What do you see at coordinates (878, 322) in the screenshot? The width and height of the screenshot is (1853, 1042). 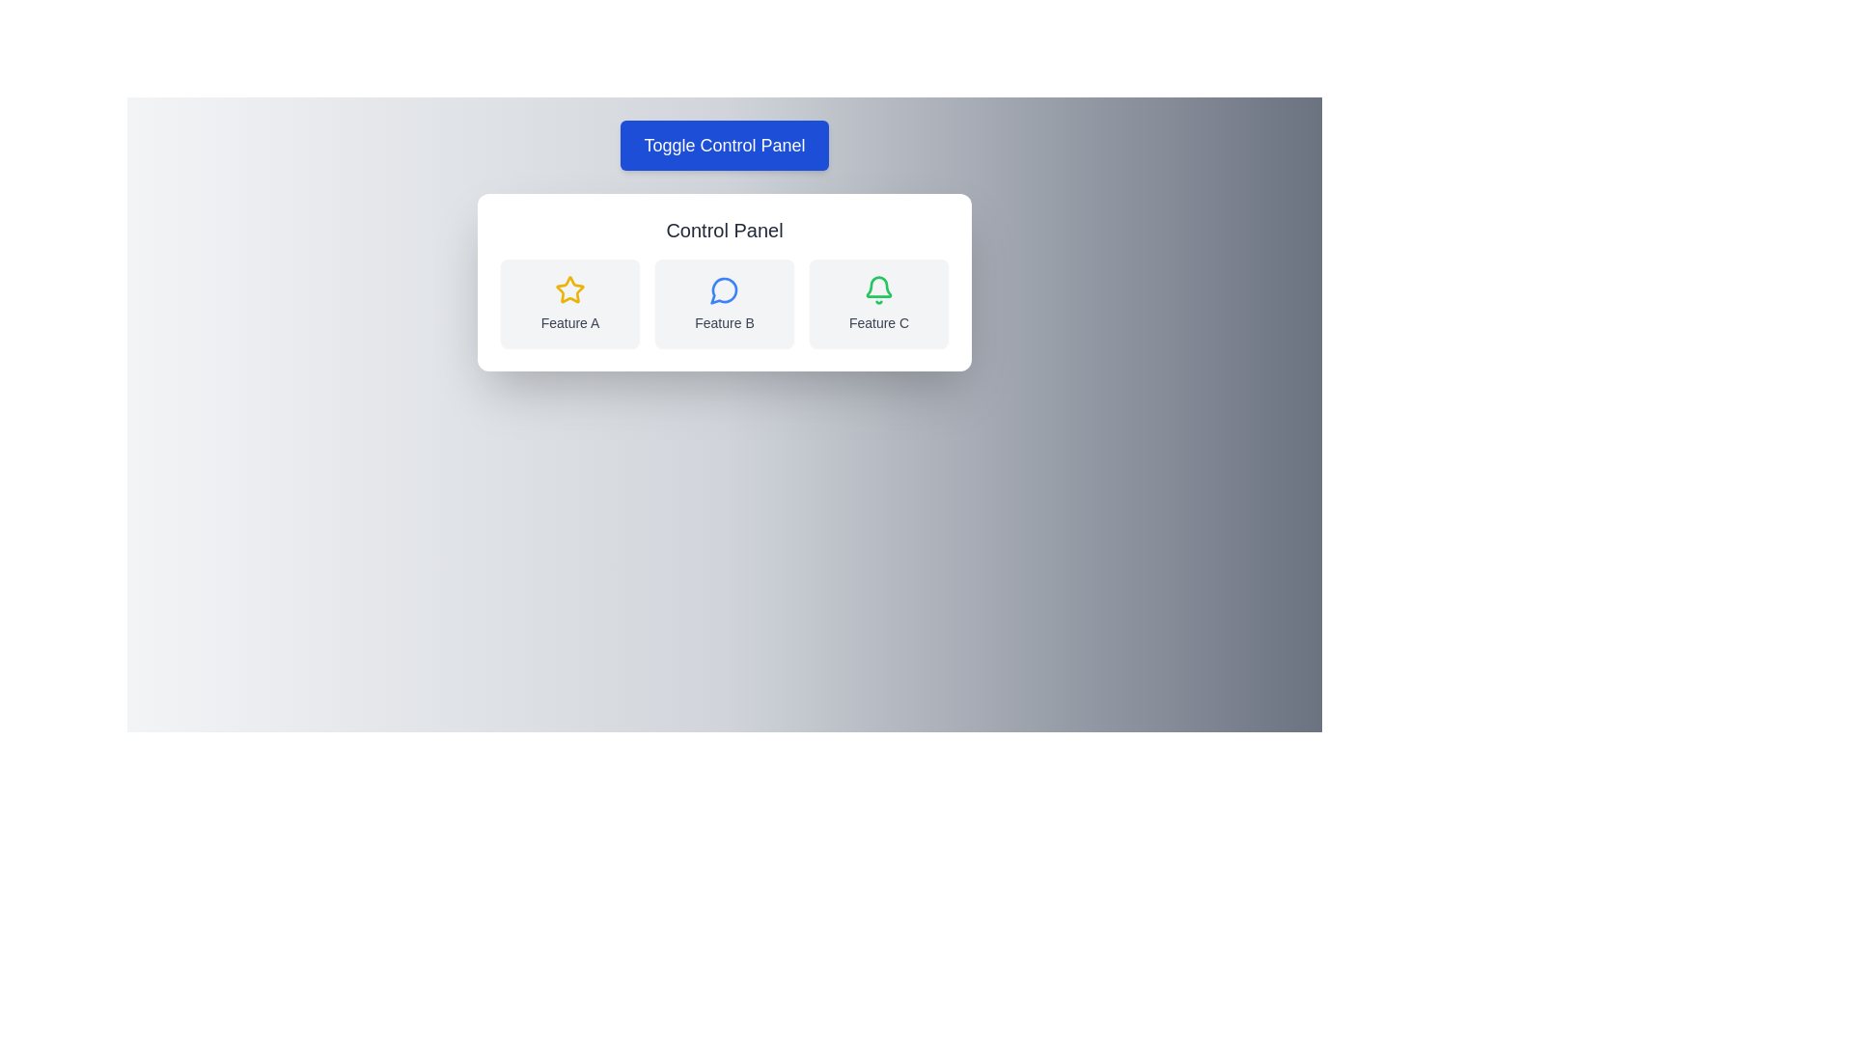 I see `the text label displaying 'Feature C', which is located below a green bell-shaped icon in the rightmost feature block of the control panel interface` at bounding box center [878, 322].